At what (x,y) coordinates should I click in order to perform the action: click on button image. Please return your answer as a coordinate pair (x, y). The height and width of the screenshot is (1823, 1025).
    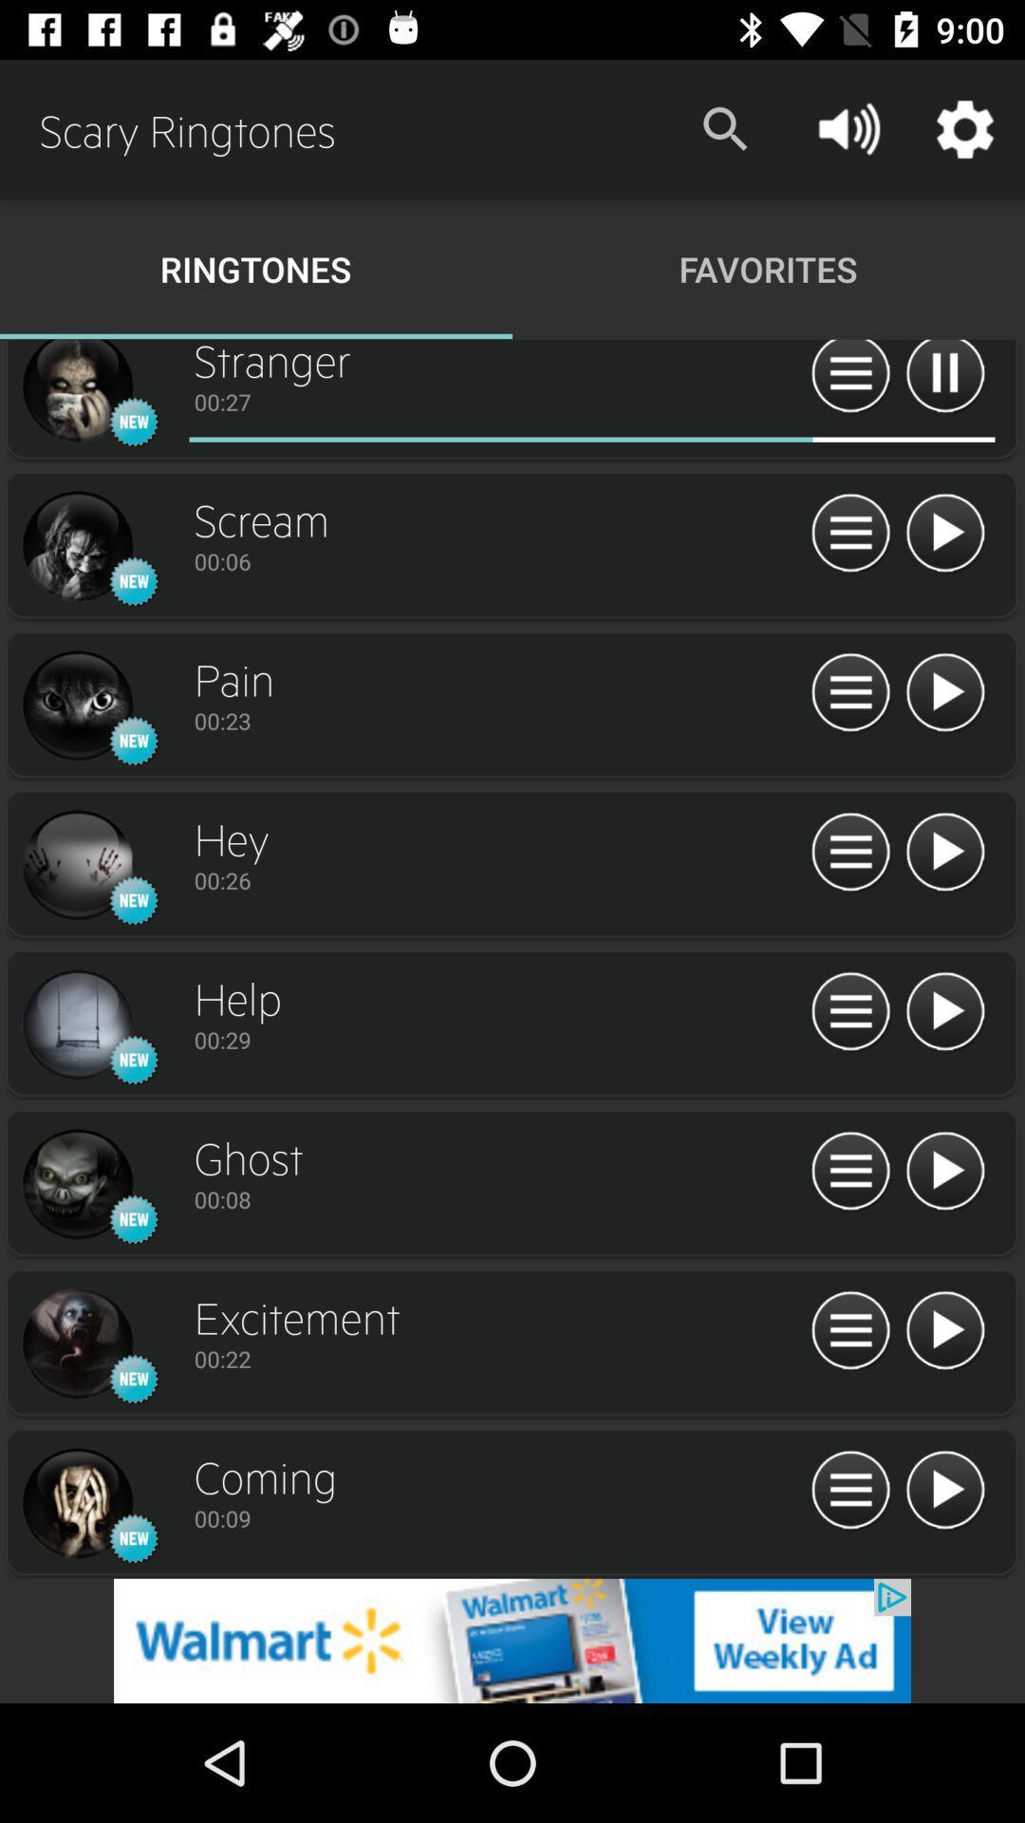
    Looking at the image, I should click on (76, 865).